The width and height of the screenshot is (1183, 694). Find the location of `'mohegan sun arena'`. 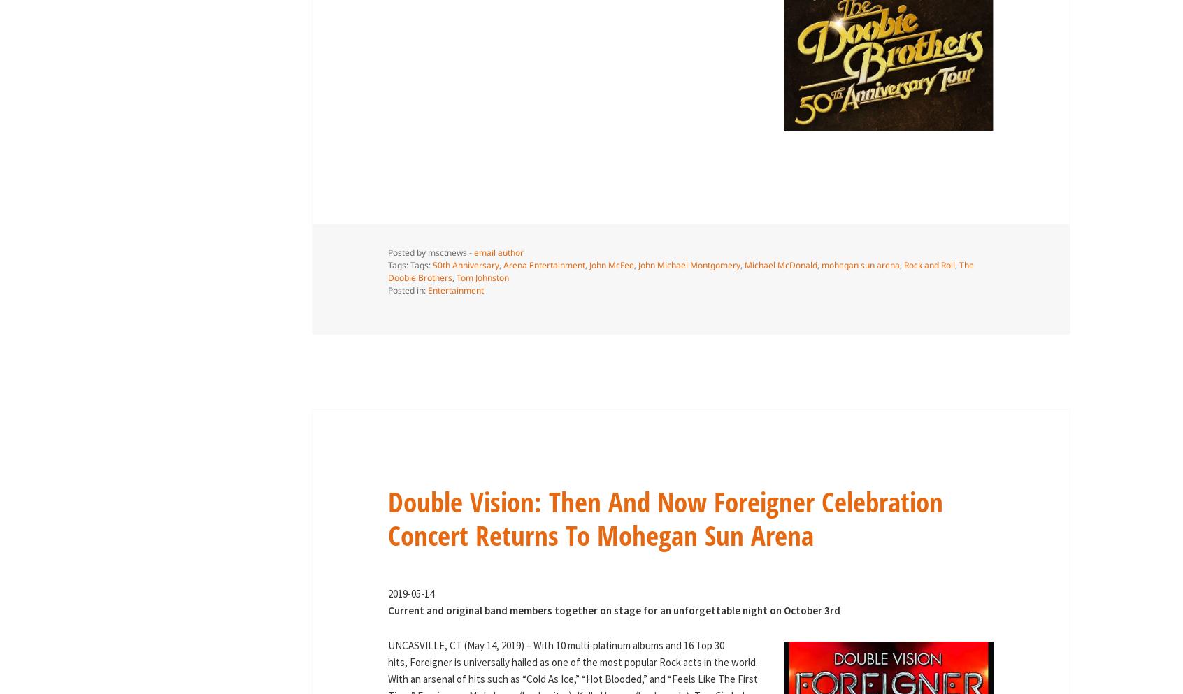

'mohegan sun arena' is located at coordinates (860, 265).